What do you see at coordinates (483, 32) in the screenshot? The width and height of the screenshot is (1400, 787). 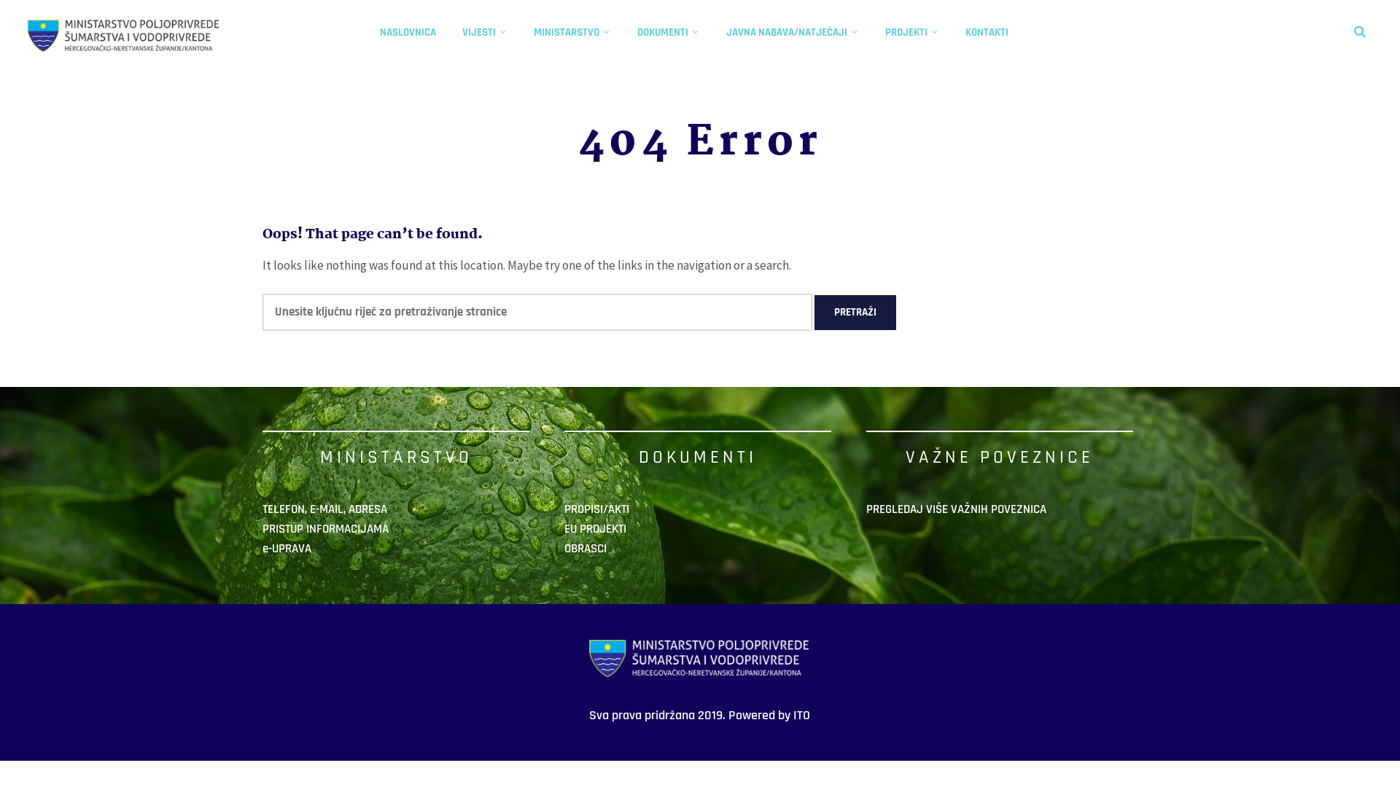 I see `'VIJESTI'` at bounding box center [483, 32].